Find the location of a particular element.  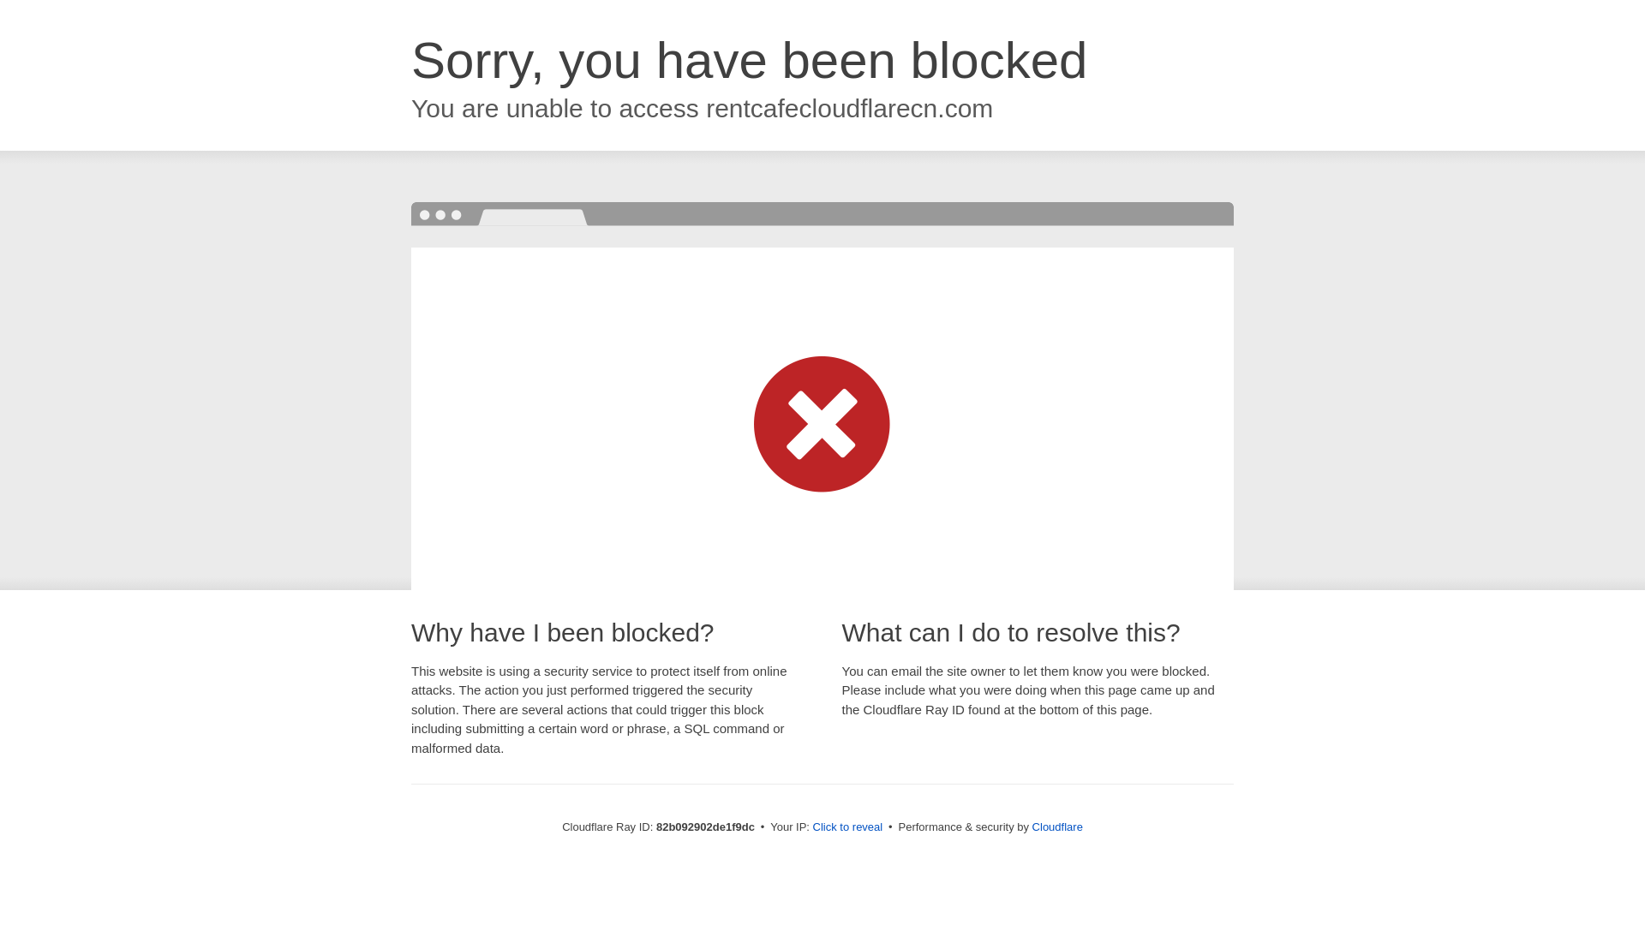

'Click to reveal' is located at coordinates (847, 826).